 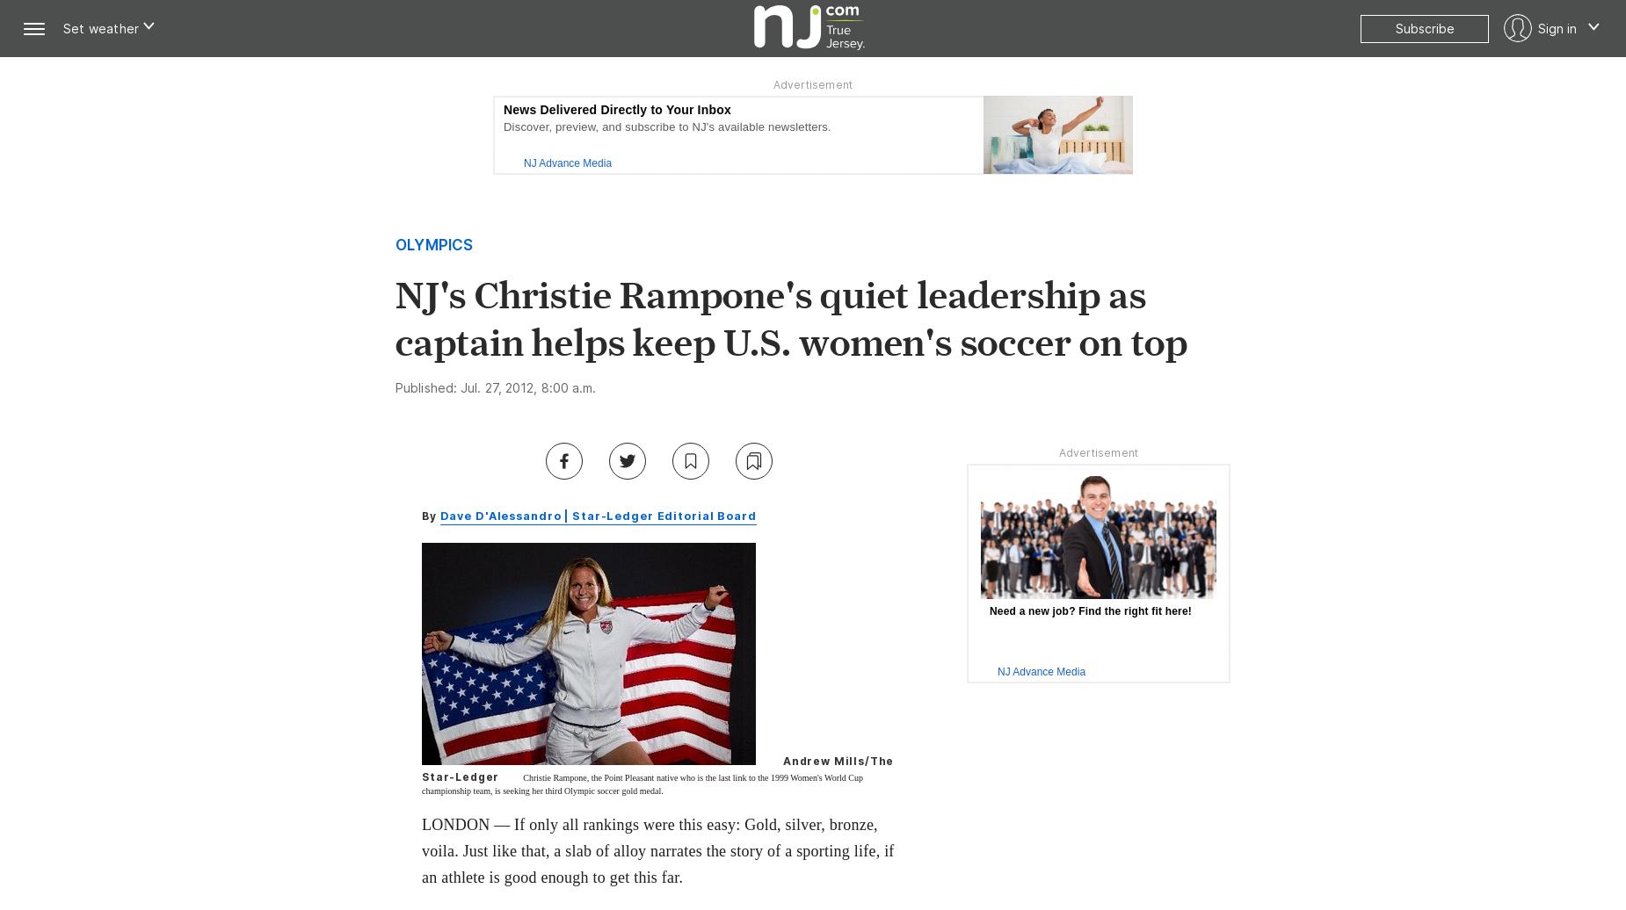 I want to click on 'Andrew Mills/The Star-Ledger', so click(x=657, y=768).